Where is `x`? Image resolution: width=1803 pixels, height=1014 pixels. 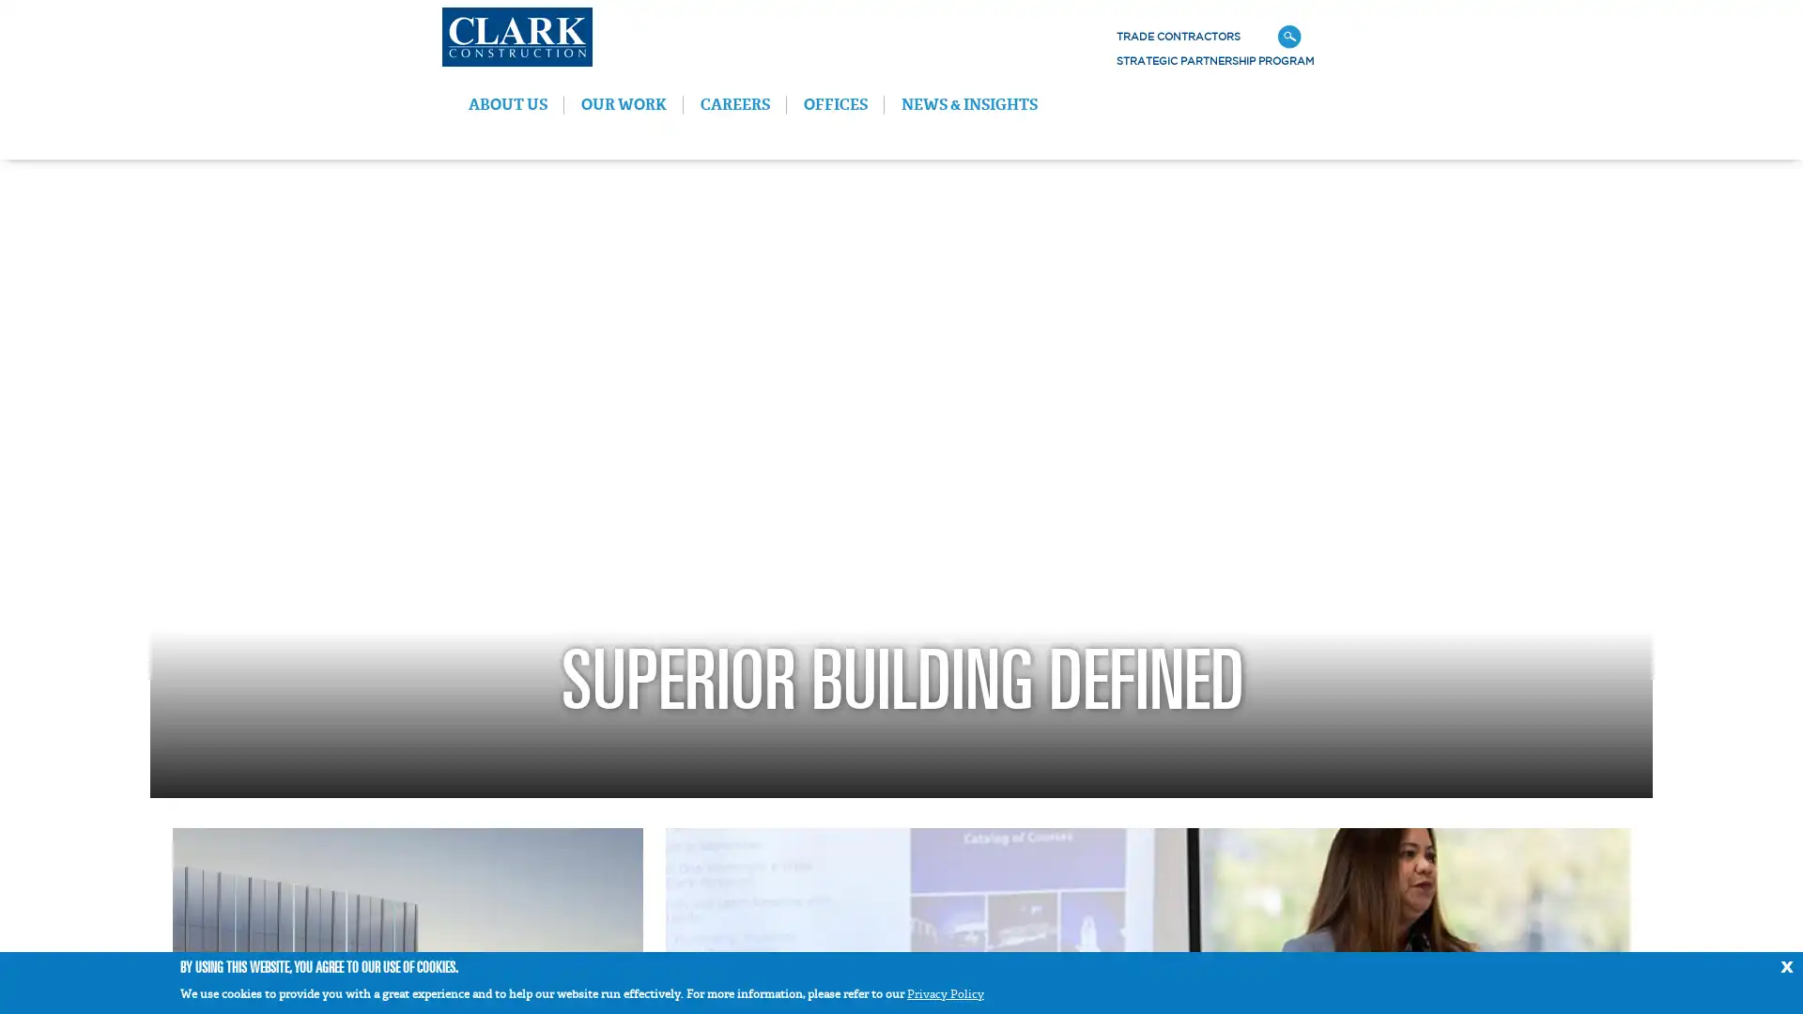
x is located at coordinates (1785, 964).